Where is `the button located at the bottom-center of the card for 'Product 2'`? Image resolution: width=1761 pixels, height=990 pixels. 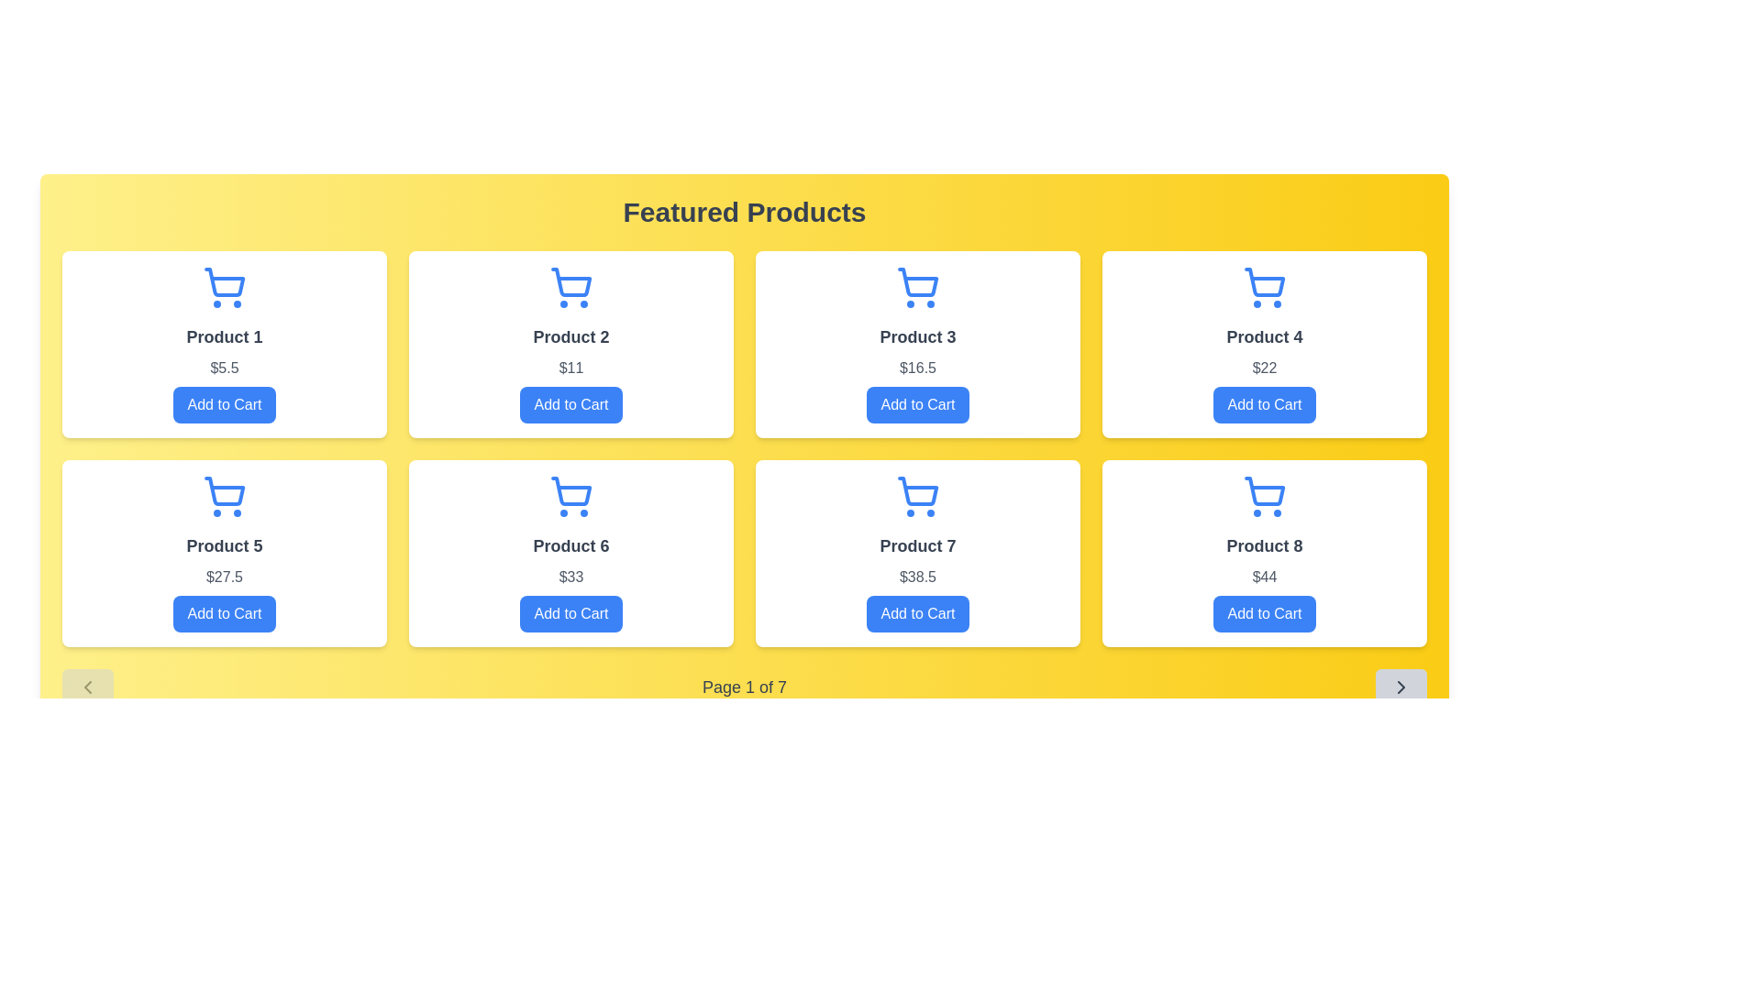 the button located at the bottom-center of the card for 'Product 2' is located at coordinates (570, 404).